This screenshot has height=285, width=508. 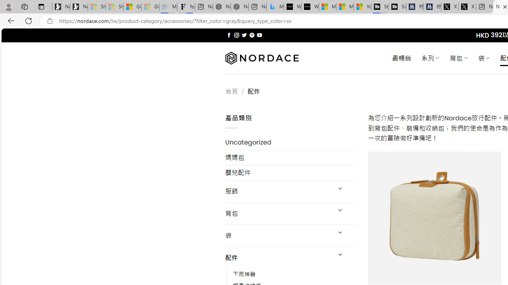 What do you see at coordinates (259, 35) in the screenshot?
I see `'Follow on YouTube'` at bounding box center [259, 35].